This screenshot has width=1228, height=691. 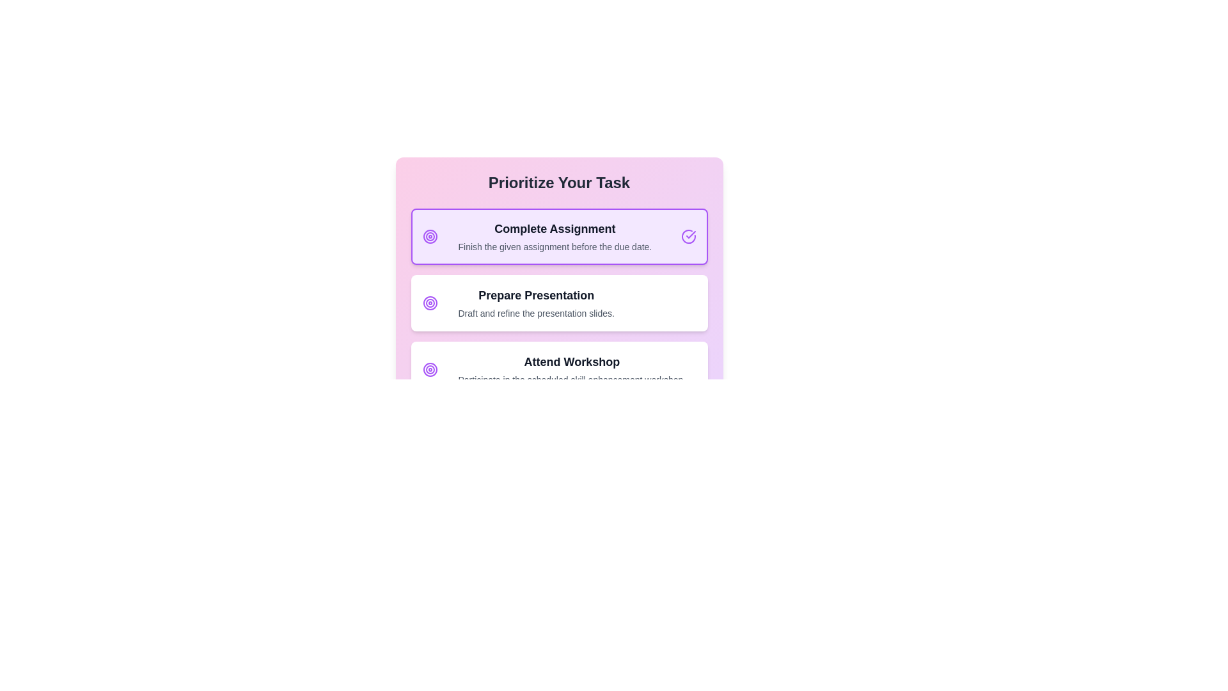 What do you see at coordinates (559, 317) in the screenshot?
I see `on the 'Prepare Presentation' Card component` at bounding box center [559, 317].